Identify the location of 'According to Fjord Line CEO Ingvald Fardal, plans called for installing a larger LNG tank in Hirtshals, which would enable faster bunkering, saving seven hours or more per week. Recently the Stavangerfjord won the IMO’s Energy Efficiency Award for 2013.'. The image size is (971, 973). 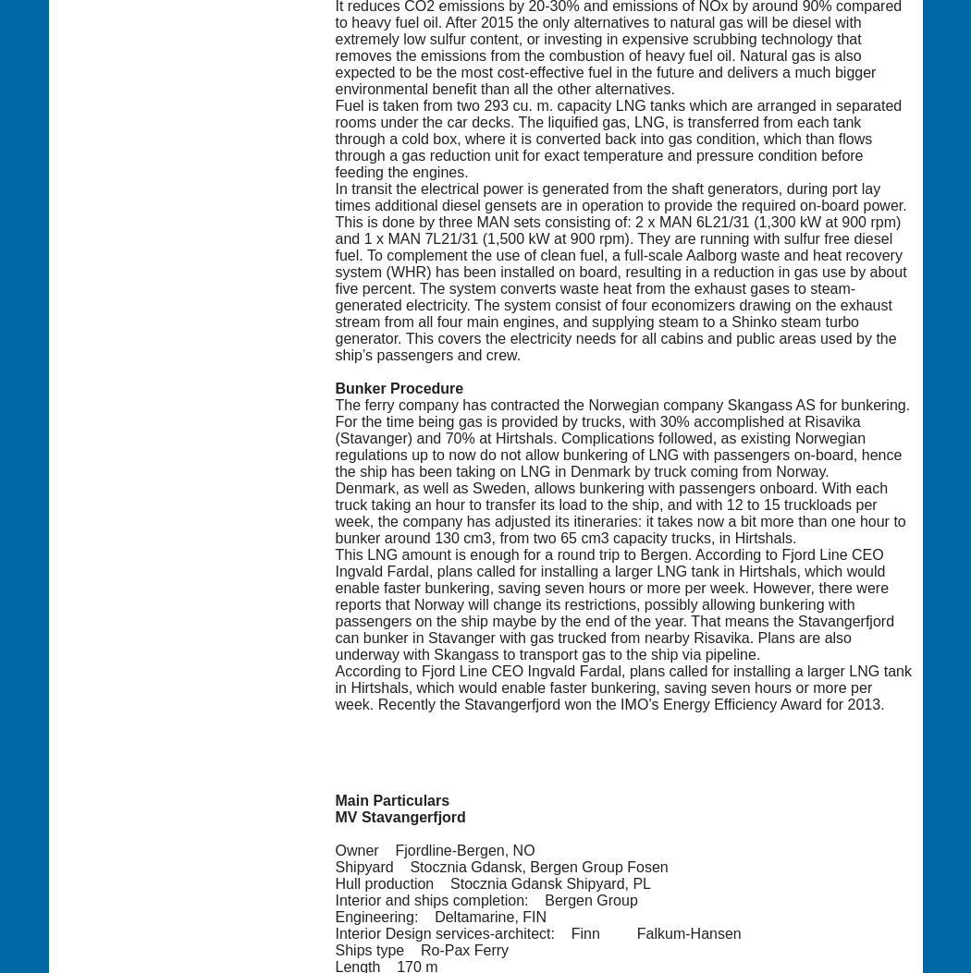
(621, 686).